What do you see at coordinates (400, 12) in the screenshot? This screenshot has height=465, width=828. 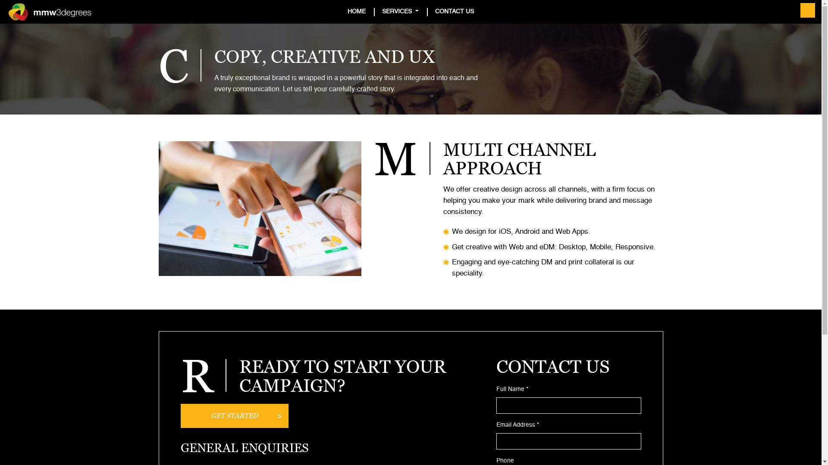 I see `'SERVICES'` at bounding box center [400, 12].